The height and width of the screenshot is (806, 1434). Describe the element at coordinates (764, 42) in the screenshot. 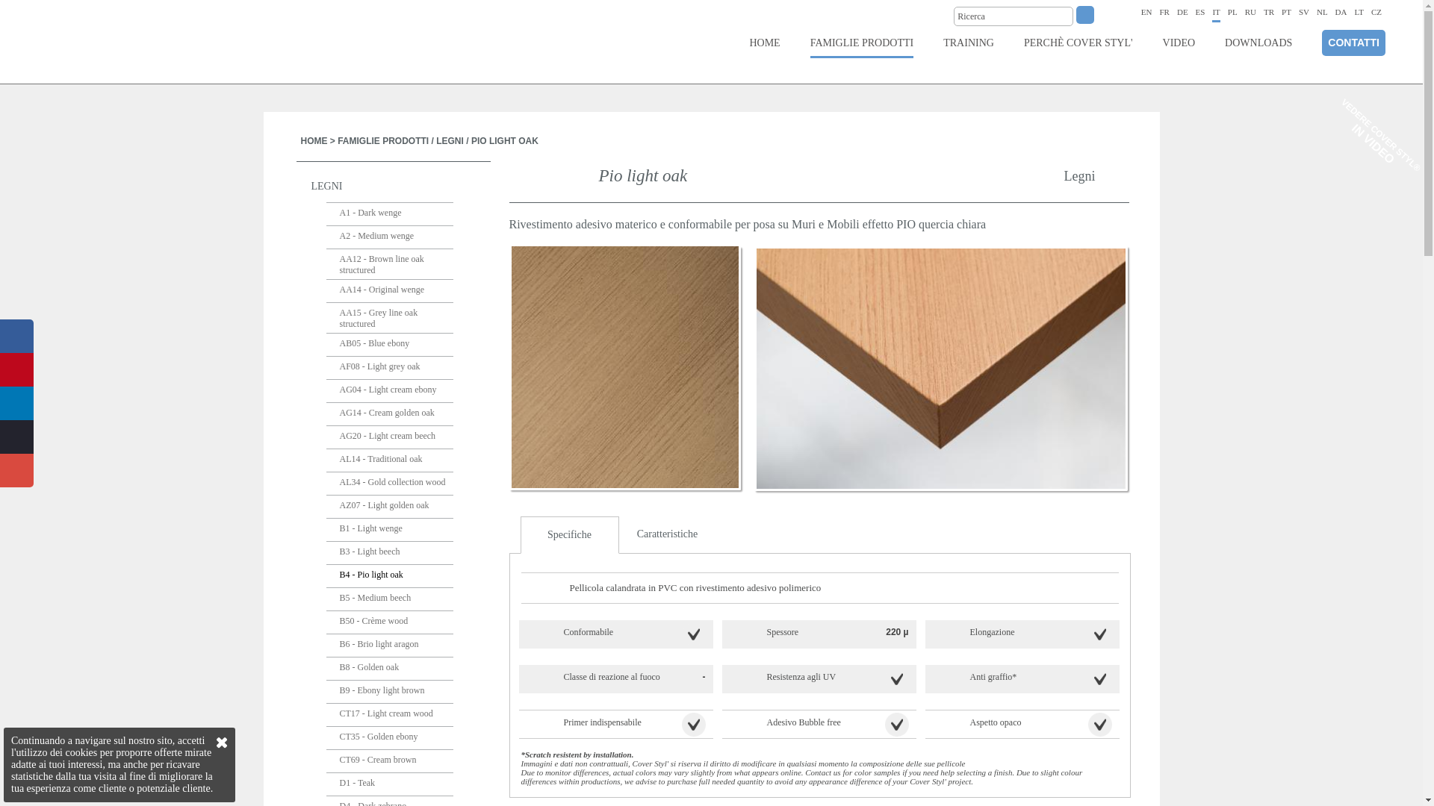

I see `'HOME'` at that location.